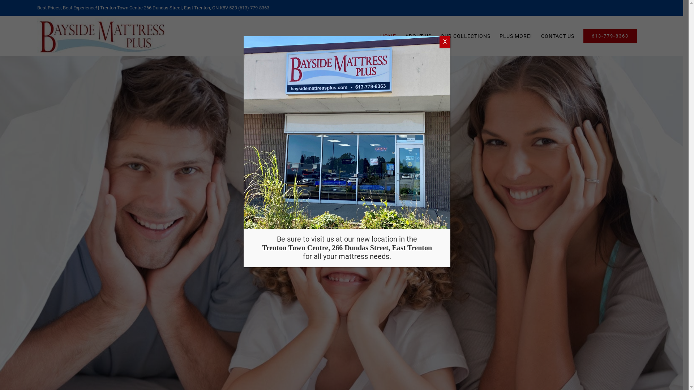  What do you see at coordinates (388, 36) in the screenshot?
I see `'HOME'` at bounding box center [388, 36].